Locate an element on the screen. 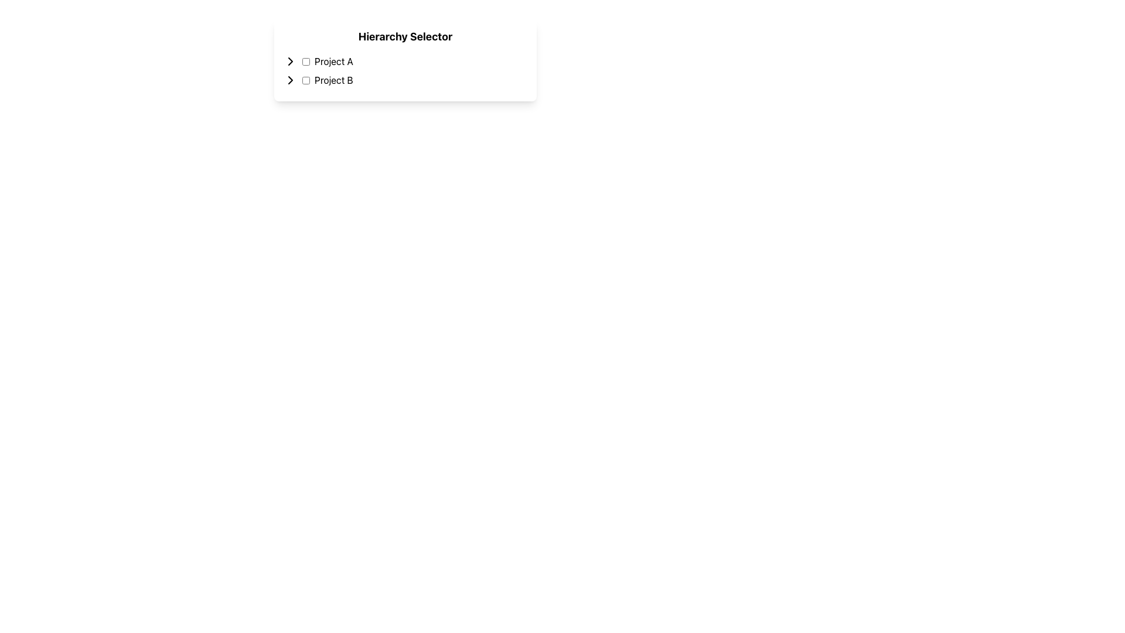 Image resolution: width=1125 pixels, height=633 pixels. the small rightward-pointing chevron icon is located at coordinates (290, 80).